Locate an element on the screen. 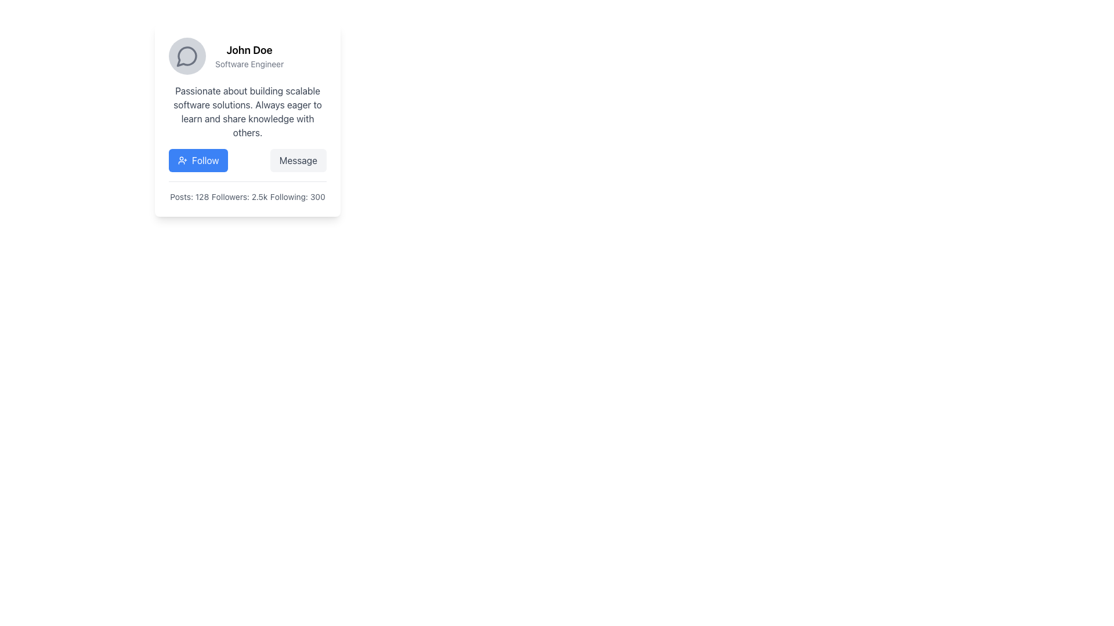  the text label displaying 'Posts: 128', which is located in the lower section of the user profile card, aligned to the left among other statistics is located at coordinates (189, 196).